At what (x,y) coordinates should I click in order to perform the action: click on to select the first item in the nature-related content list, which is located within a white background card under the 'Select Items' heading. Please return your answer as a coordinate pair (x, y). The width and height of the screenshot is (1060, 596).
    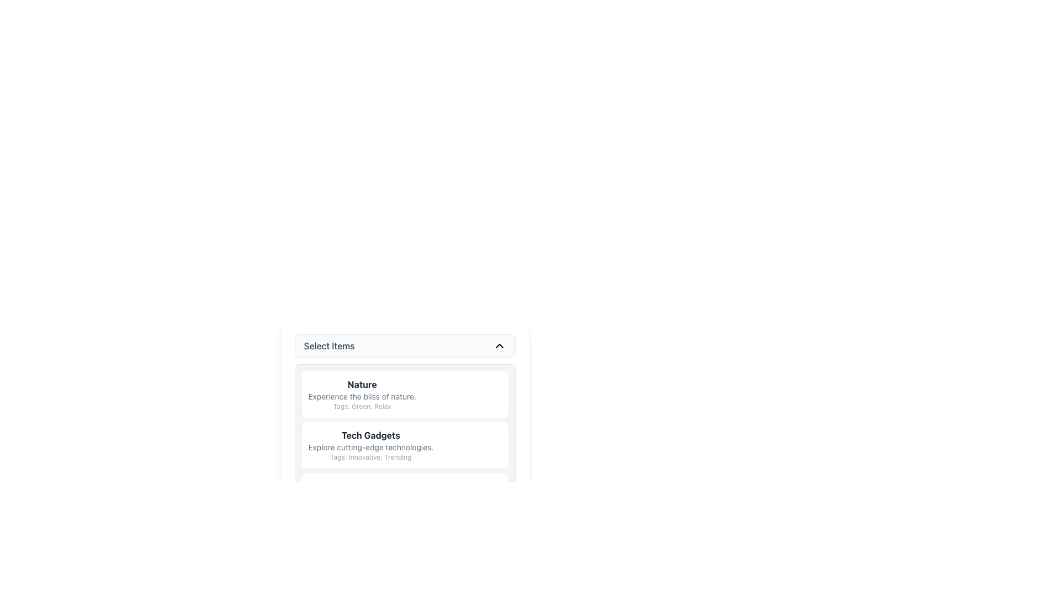
    Looking at the image, I should click on (362, 393).